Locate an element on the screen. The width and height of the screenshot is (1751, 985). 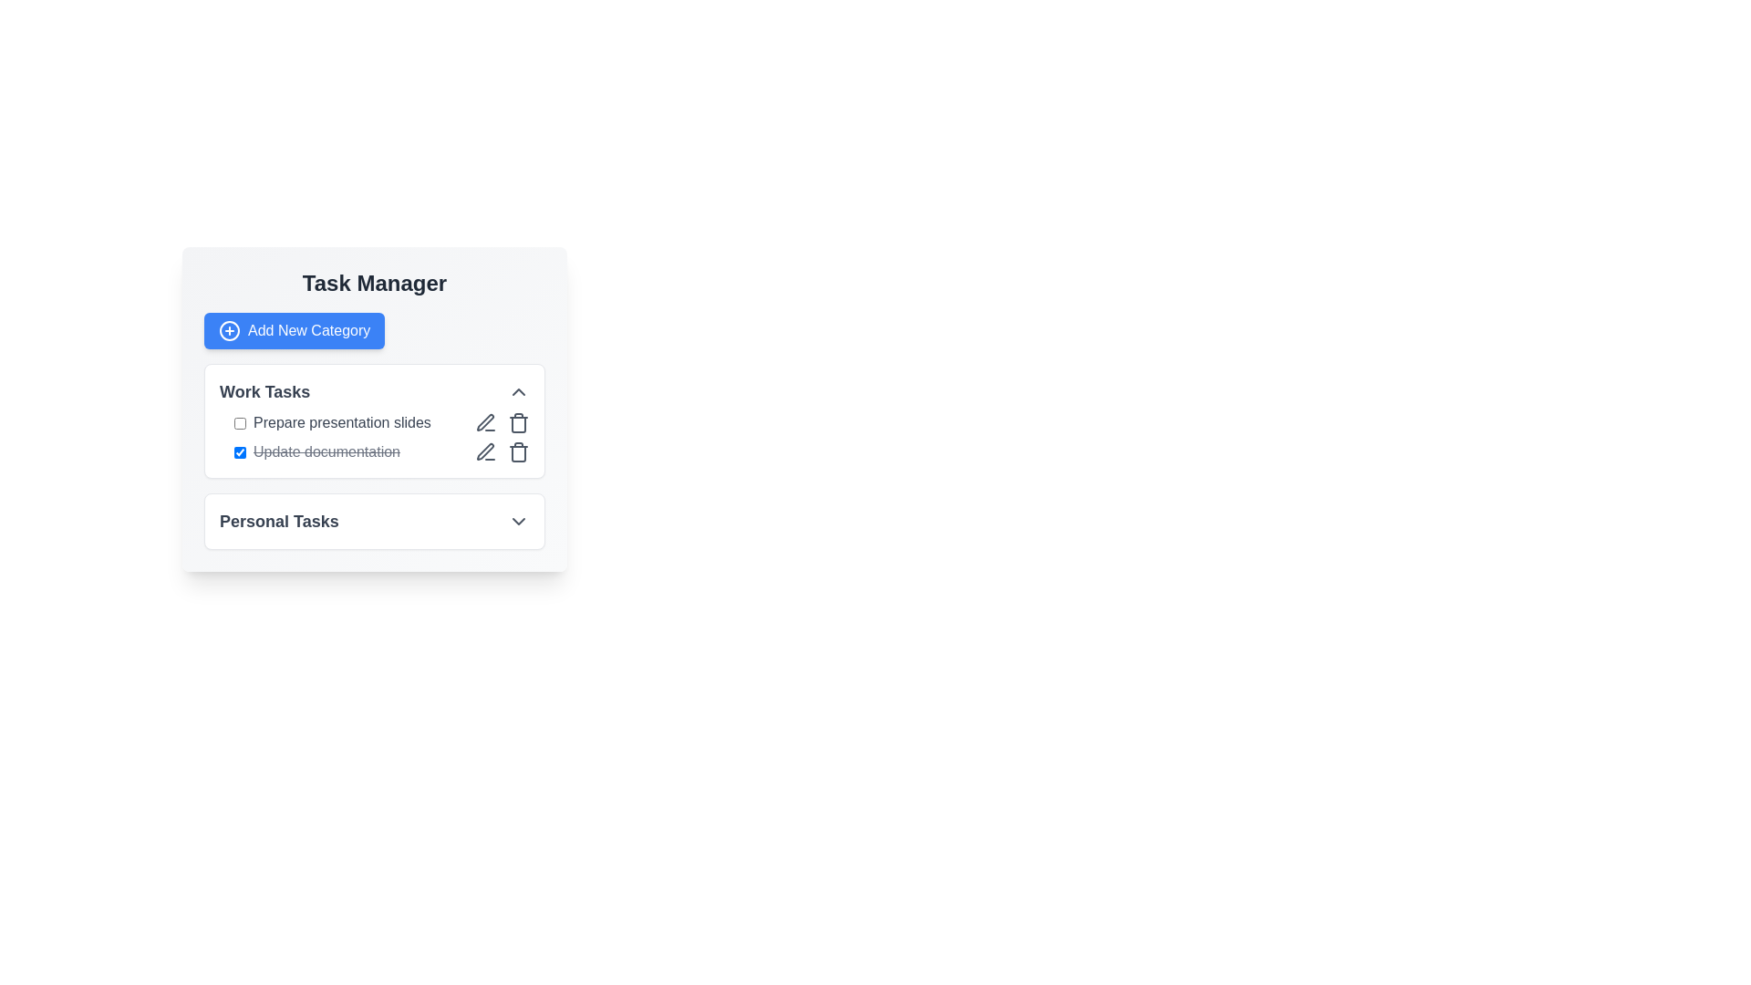
the label displaying 'Update documentation' which indicates a completed task for context options is located at coordinates (380, 451).